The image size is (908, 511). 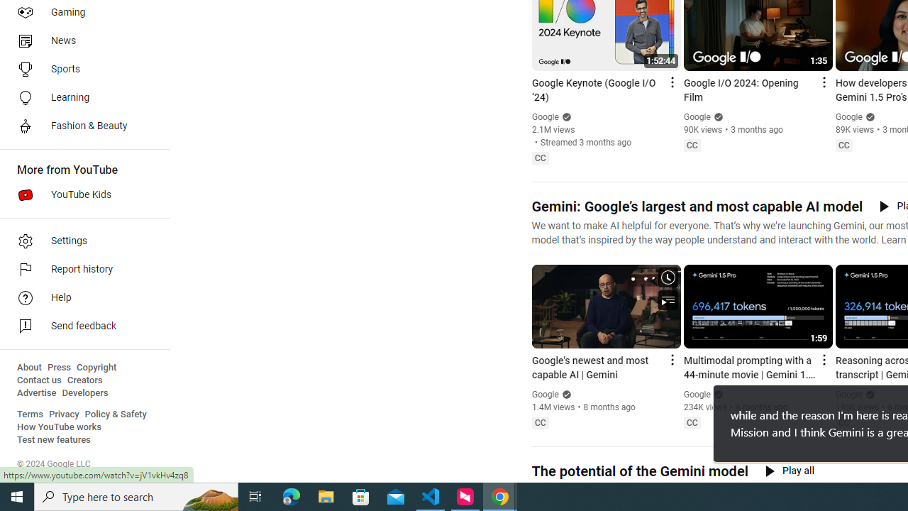 What do you see at coordinates (54, 439) in the screenshot?
I see `'Test new features'` at bounding box center [54, 439].